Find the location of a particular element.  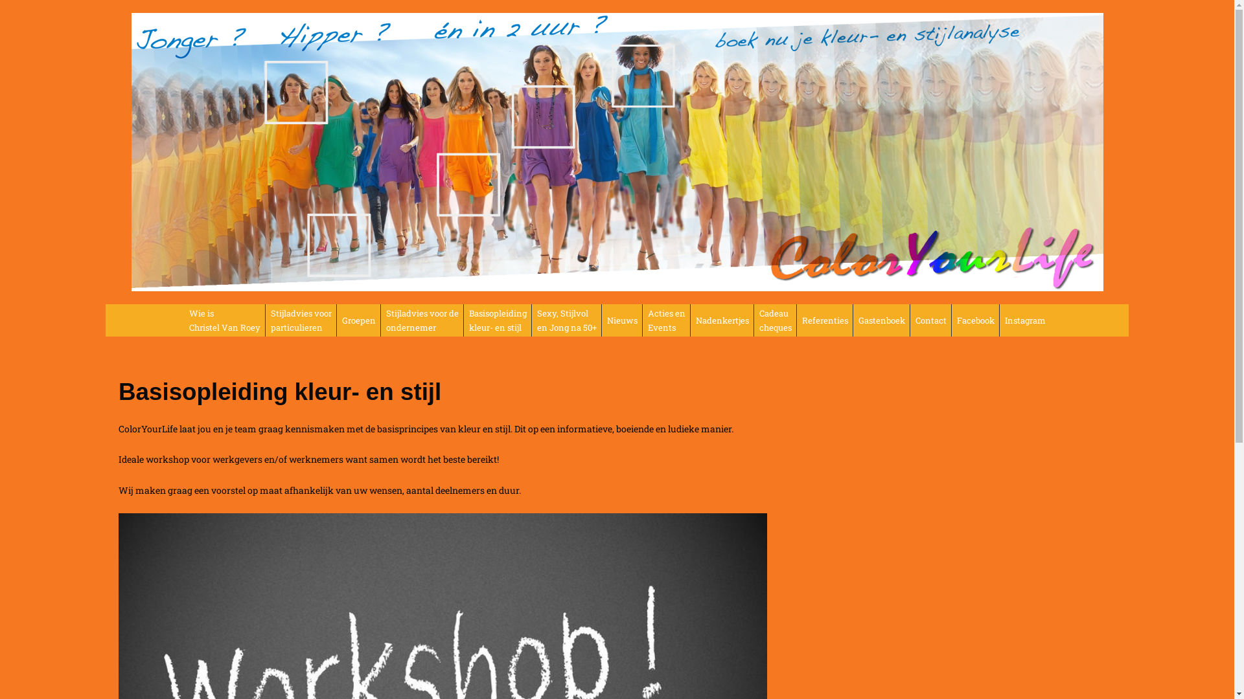

'Groepen' is located at coordinates (358, 320).